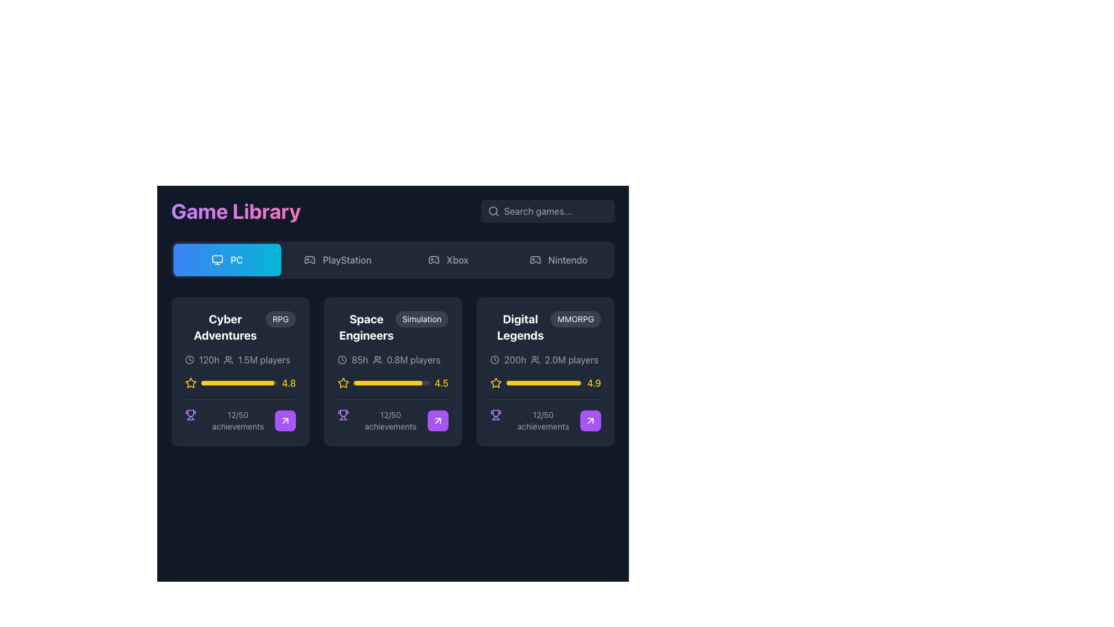 The height and width of the screenshot is (627, 1114). Describe the element at coordinates (534, 259) in the screenshot. I see `the game controller icon located towards the top-right corner of the interface, which is styled in a dark neutral tone and adjacent to other interactive elements` at that location.